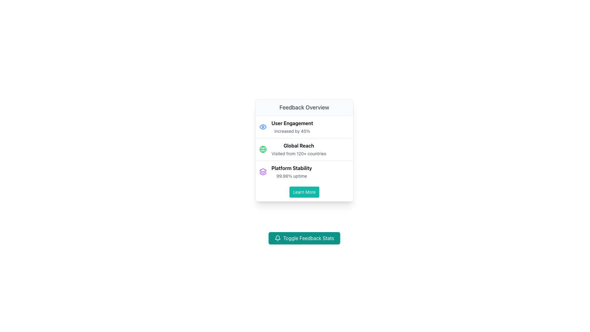  What do you see at coordinates (304, 172) in the screenshot?
I see `the Informative display component titled 'Platform Stability' which shows a purple icon and uptime percentage` at bounding box center [304, 172].